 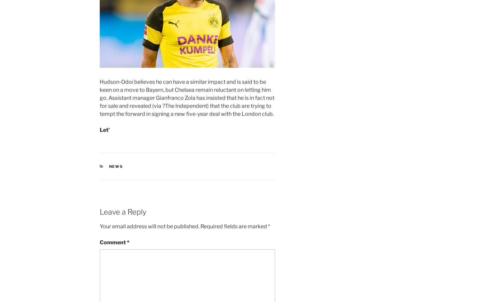 What do you see at coordinates (104, 129) in the screenshot?
I see `'Let’'` at bounding box center [104, 129].